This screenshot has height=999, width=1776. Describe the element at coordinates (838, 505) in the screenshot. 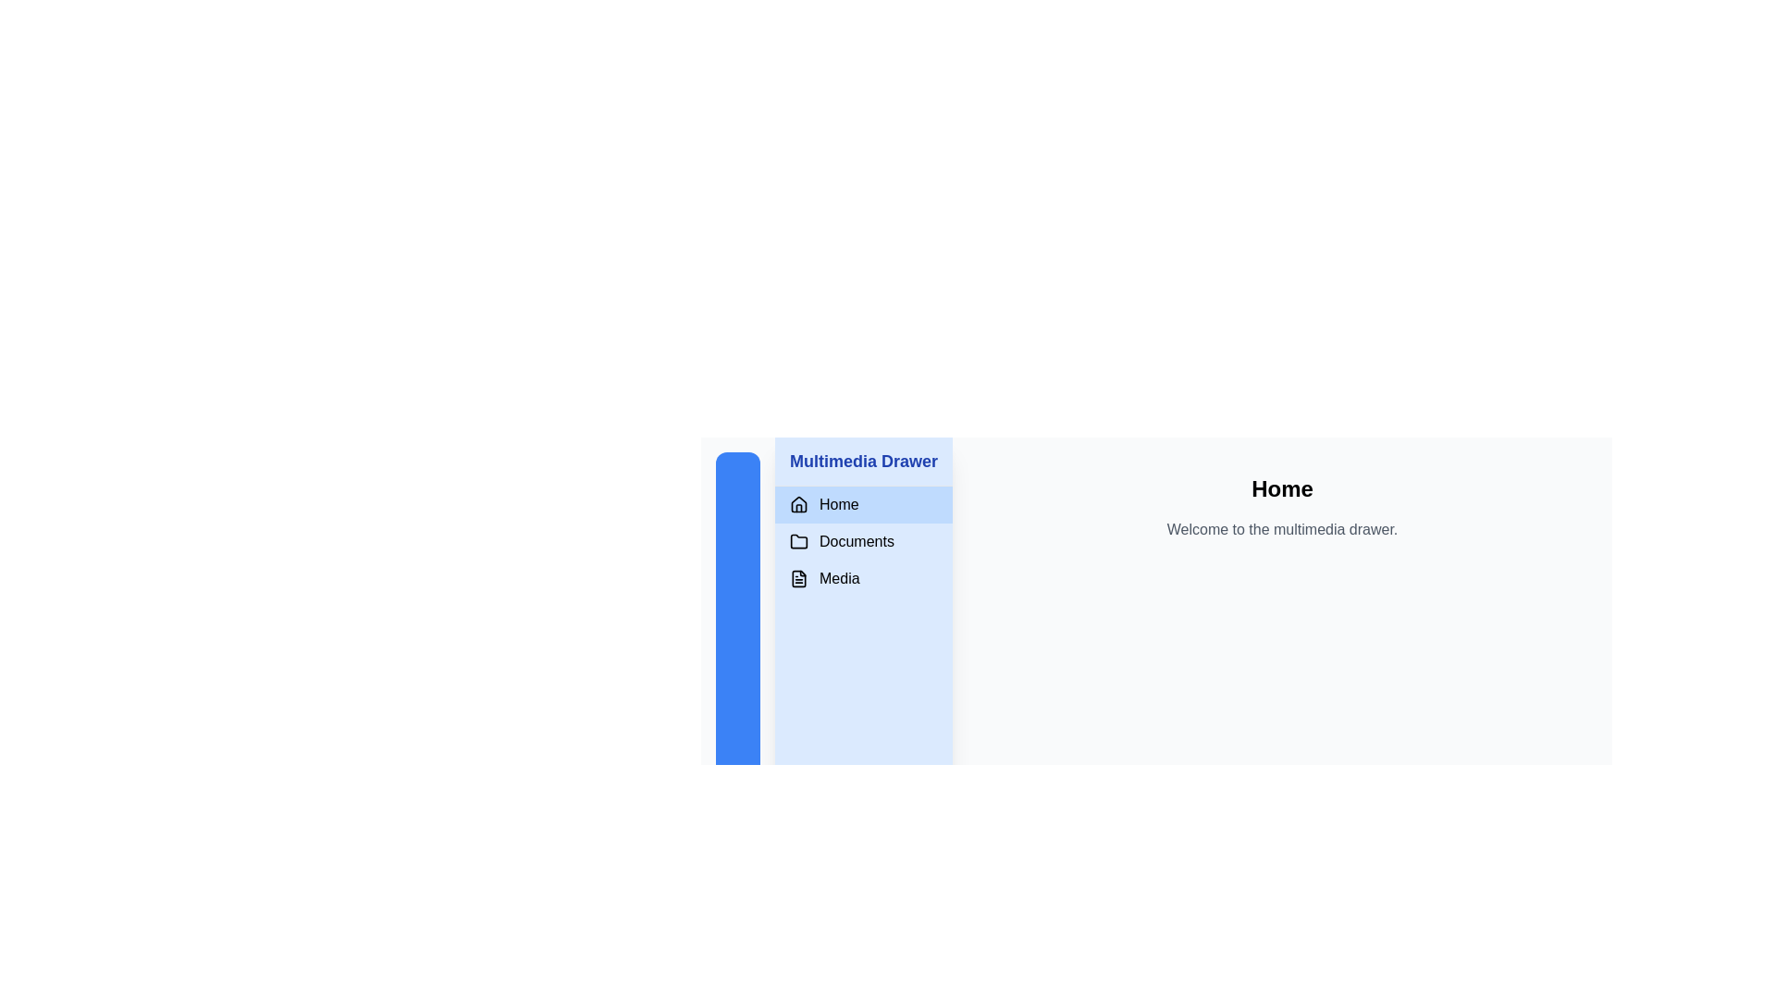

I see `the 'Home' menu item located in the left-hand menu below the 'Multimedia Drawer' label` at that location.